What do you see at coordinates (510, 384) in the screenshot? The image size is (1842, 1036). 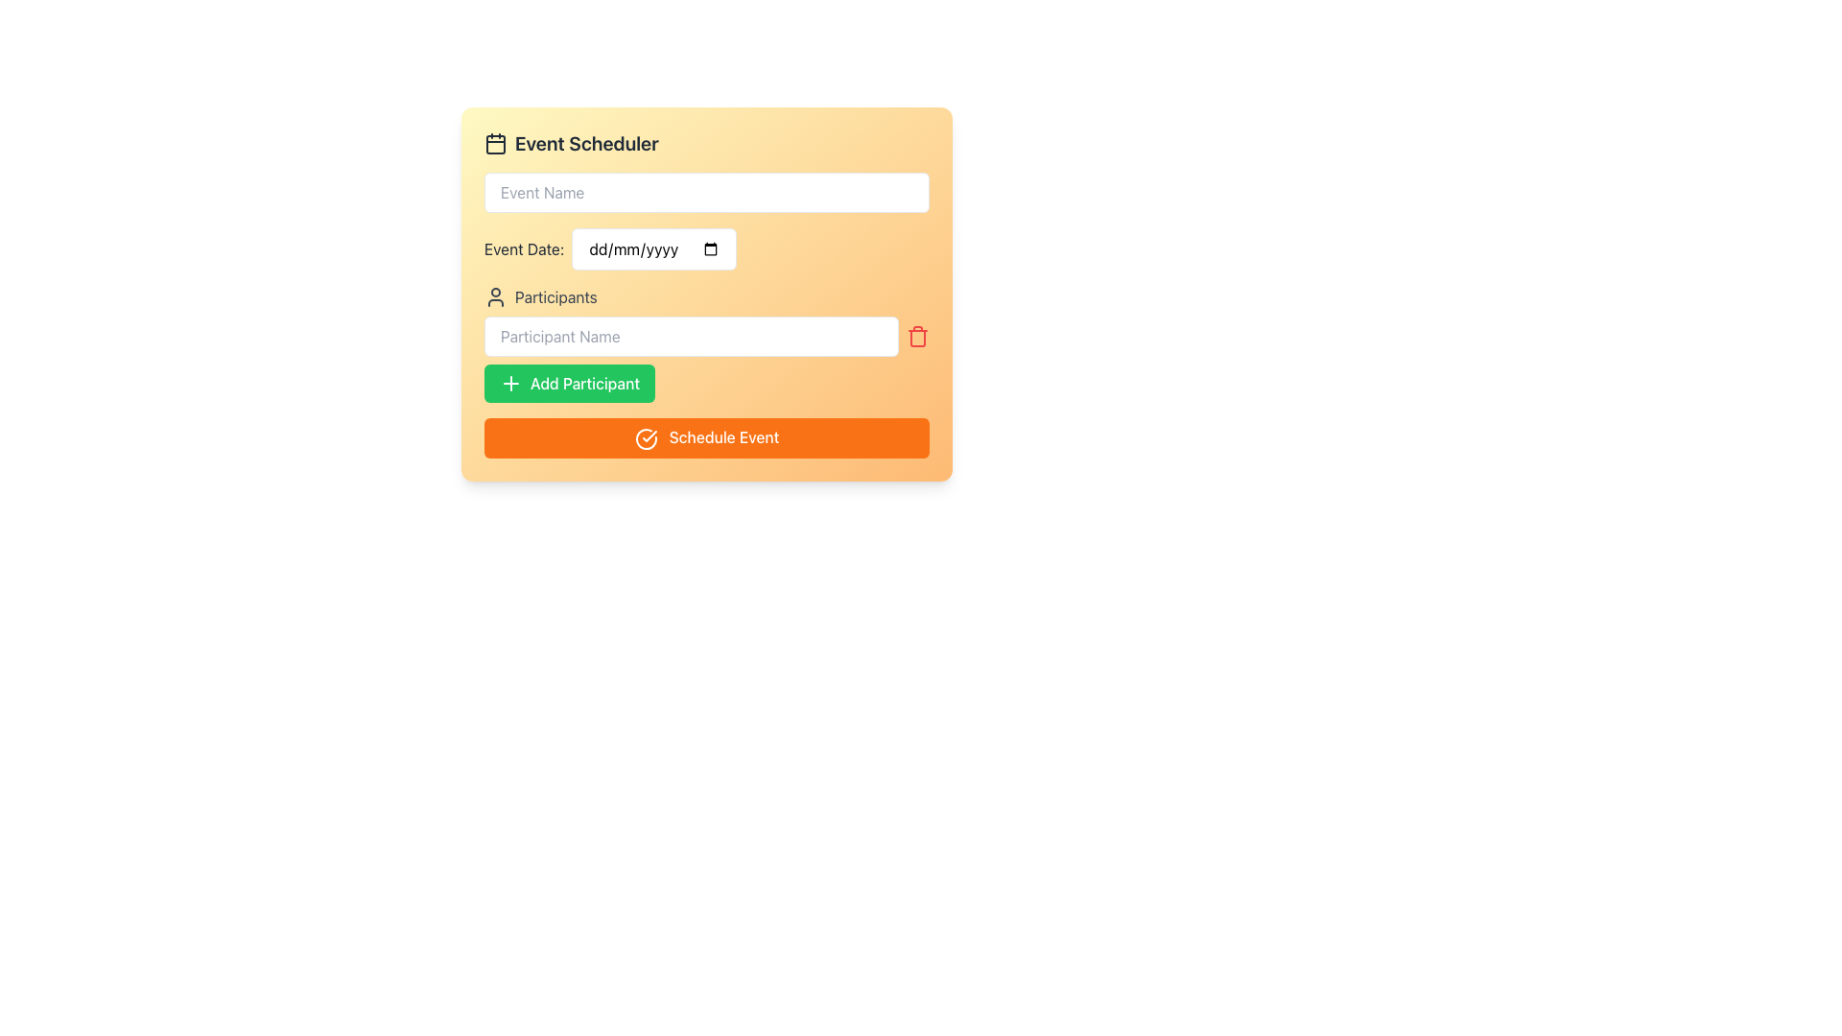 I see `the icon inside the 'Add Participant' button, which signifies the addition of a participant` at bounding box center [510, 384].